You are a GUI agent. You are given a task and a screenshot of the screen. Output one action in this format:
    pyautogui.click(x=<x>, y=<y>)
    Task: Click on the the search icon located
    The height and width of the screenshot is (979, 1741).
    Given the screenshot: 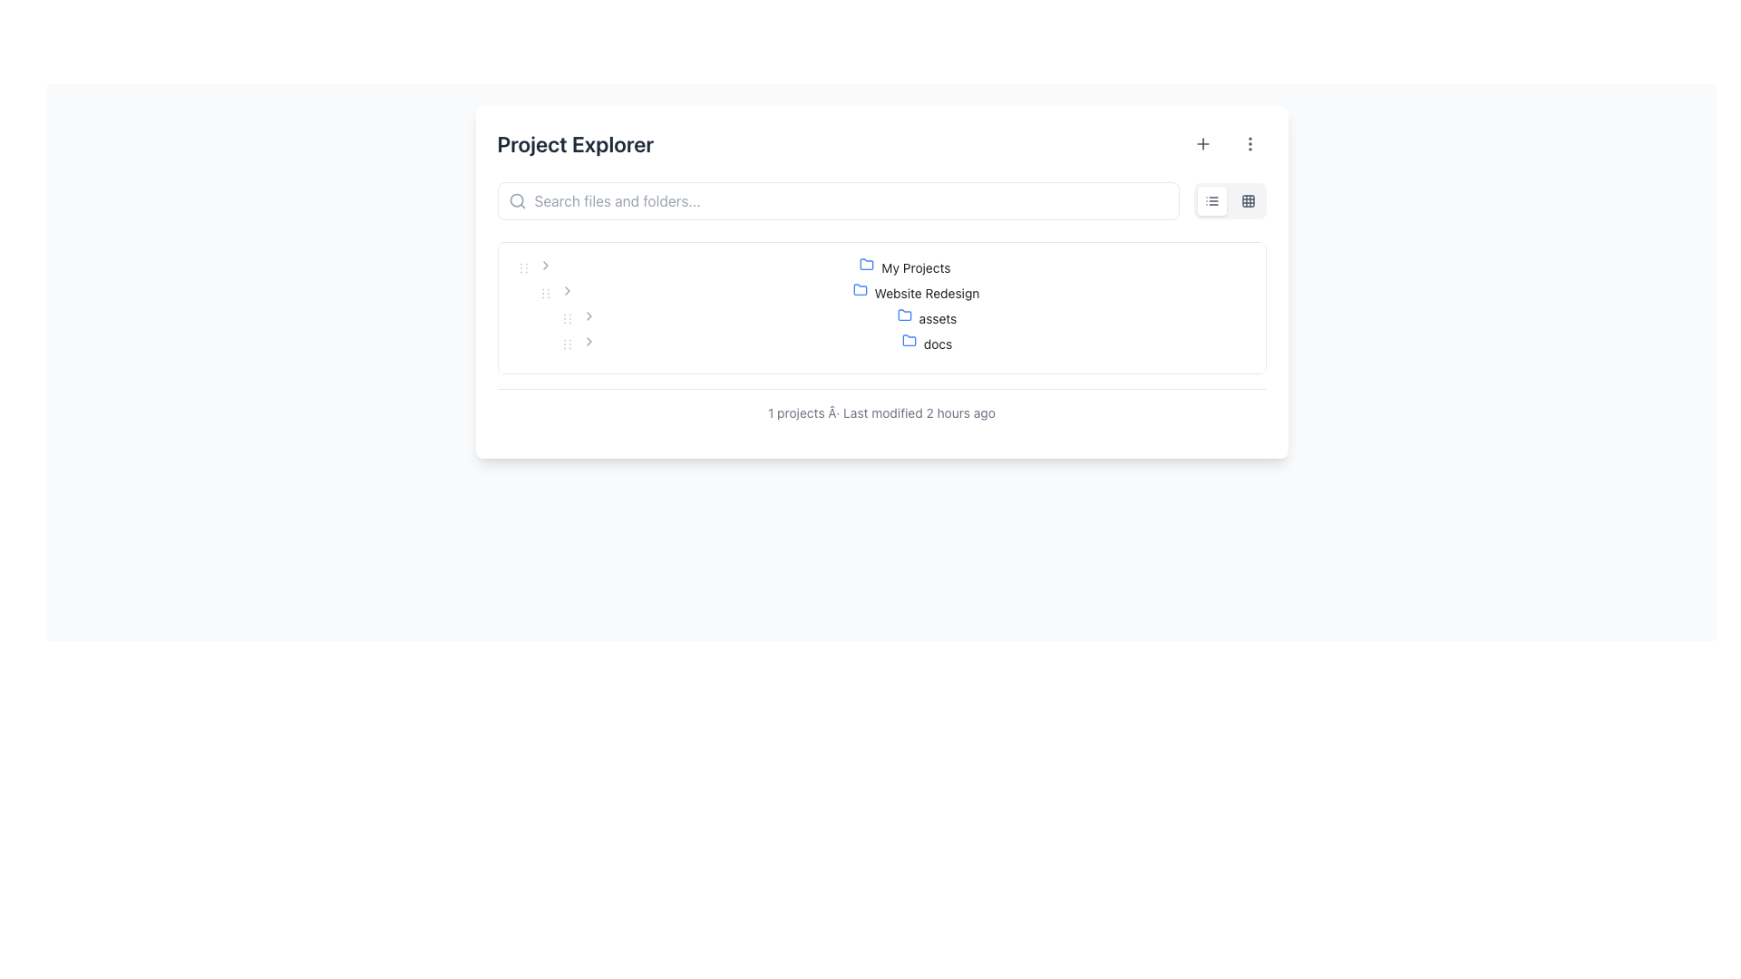 What is the action you would take?
    pyautogui.click(x=516, y=201)
    